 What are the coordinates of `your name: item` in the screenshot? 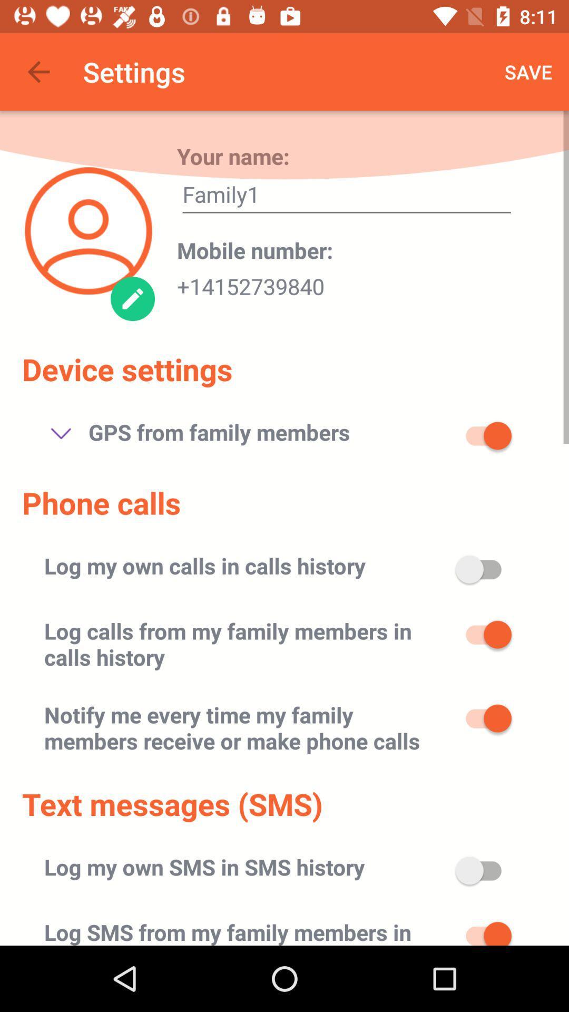 It's located at (232, 155).